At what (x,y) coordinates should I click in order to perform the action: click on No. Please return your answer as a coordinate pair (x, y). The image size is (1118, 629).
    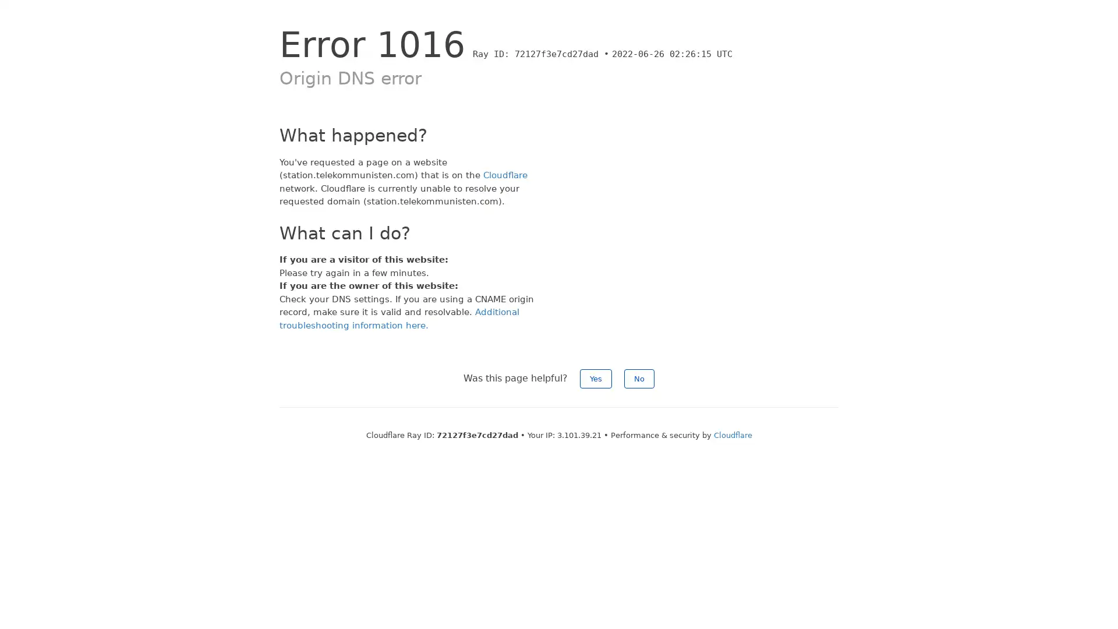
    Looking at the image, I should click on (639, 379).